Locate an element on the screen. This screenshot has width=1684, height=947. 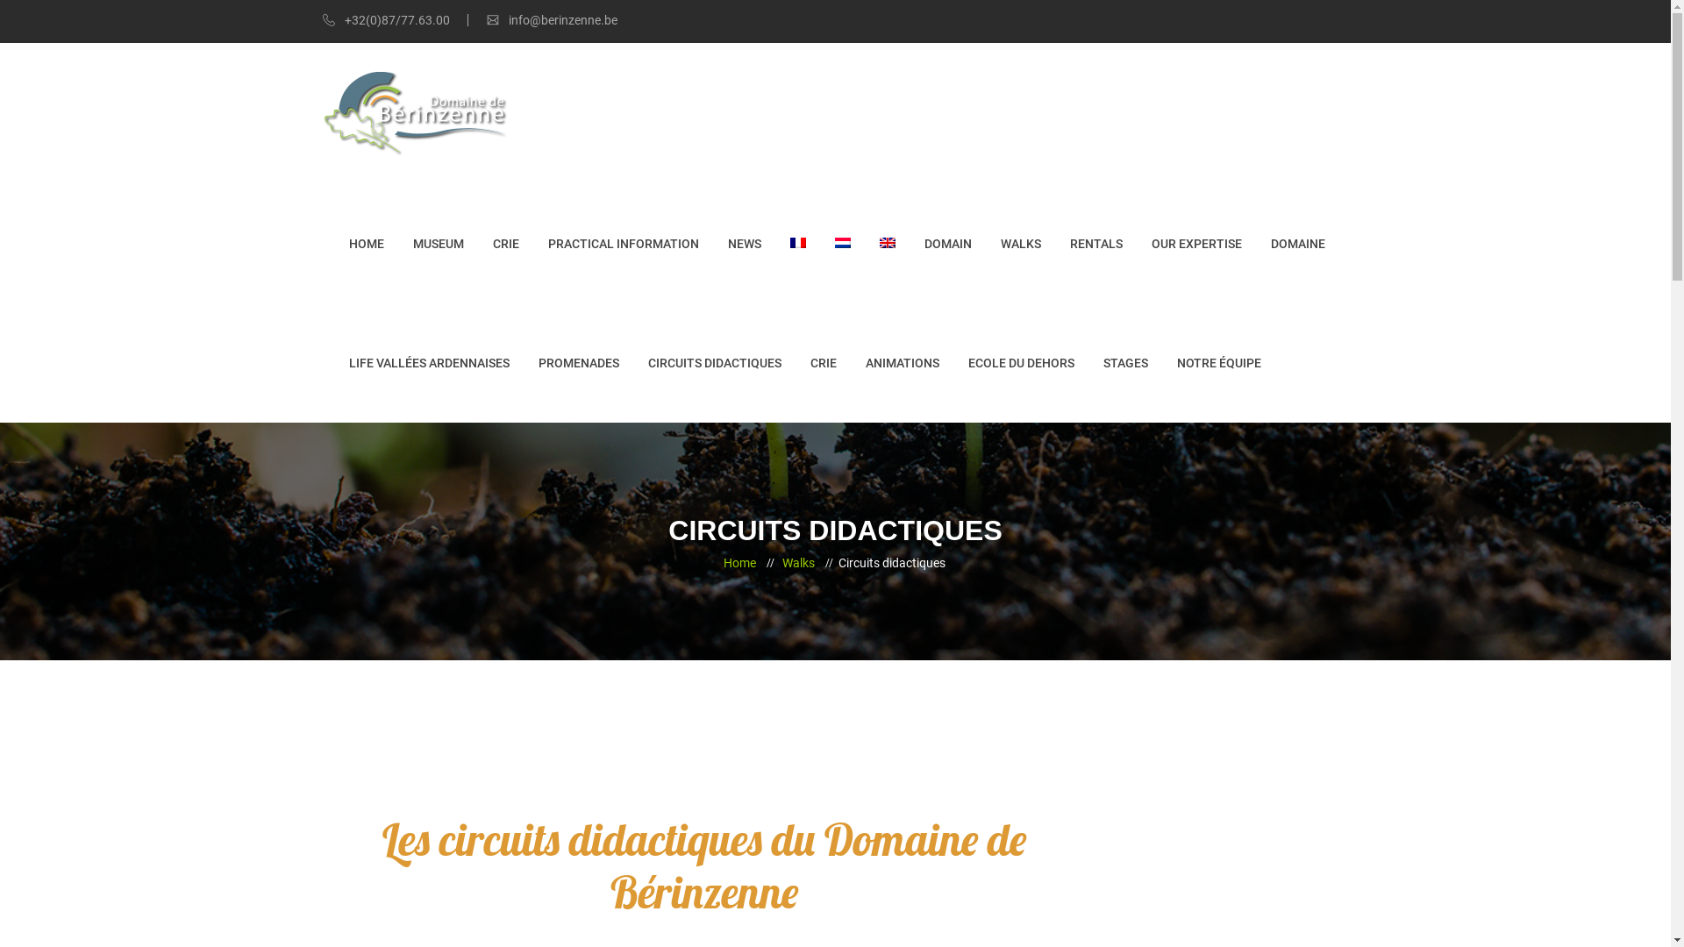
'CRIE' is located at coordinates (504, 243).